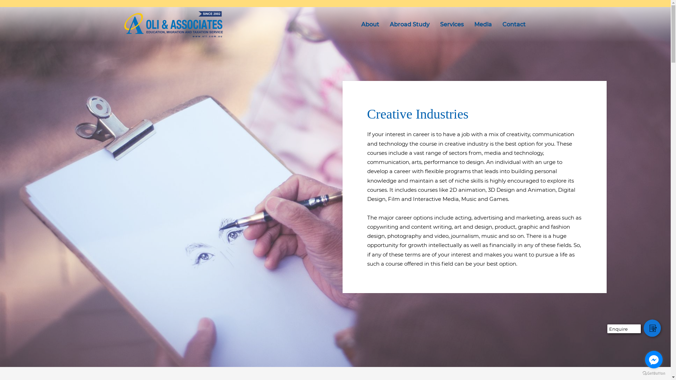  I want to click on 'Services', so click(434, 24).